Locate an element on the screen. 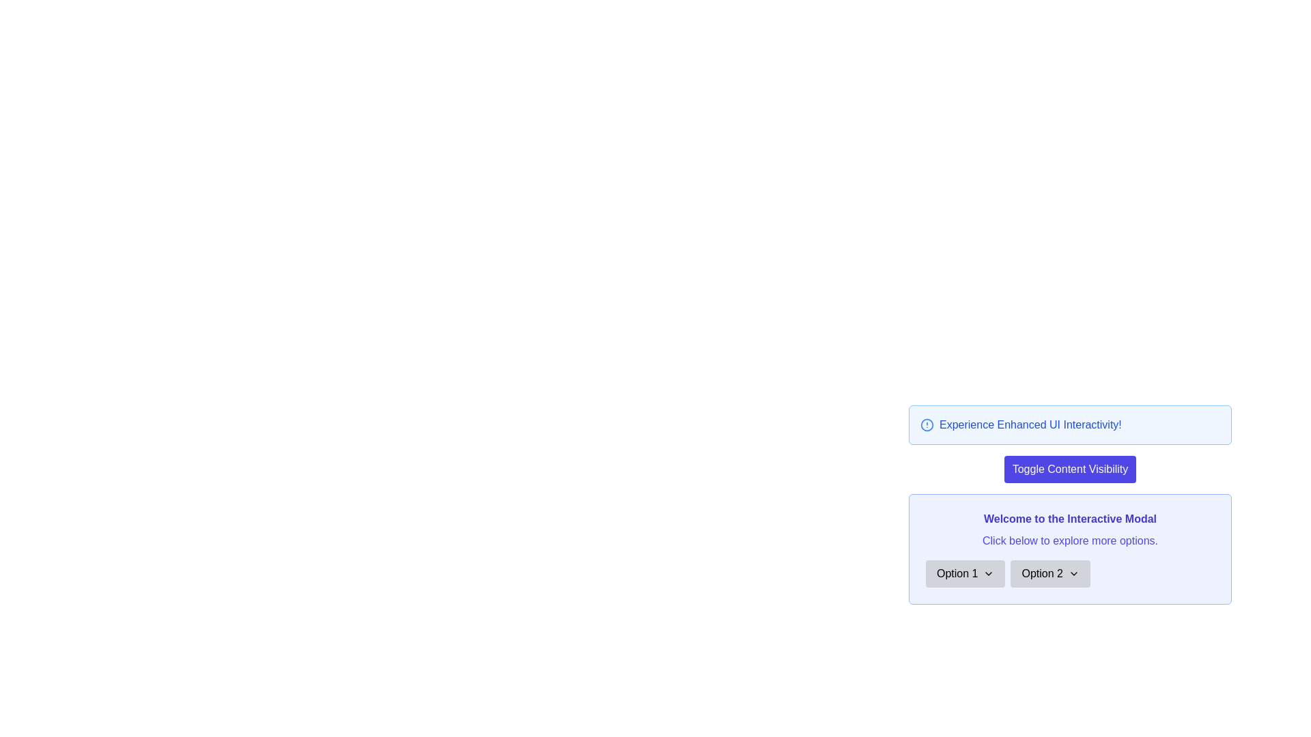 This screenshot has width=1311, height=737. the group of buttons labeled 'Option 1' and 'Option 2' to invoke hover effects is located at coordinates (1069, 568).